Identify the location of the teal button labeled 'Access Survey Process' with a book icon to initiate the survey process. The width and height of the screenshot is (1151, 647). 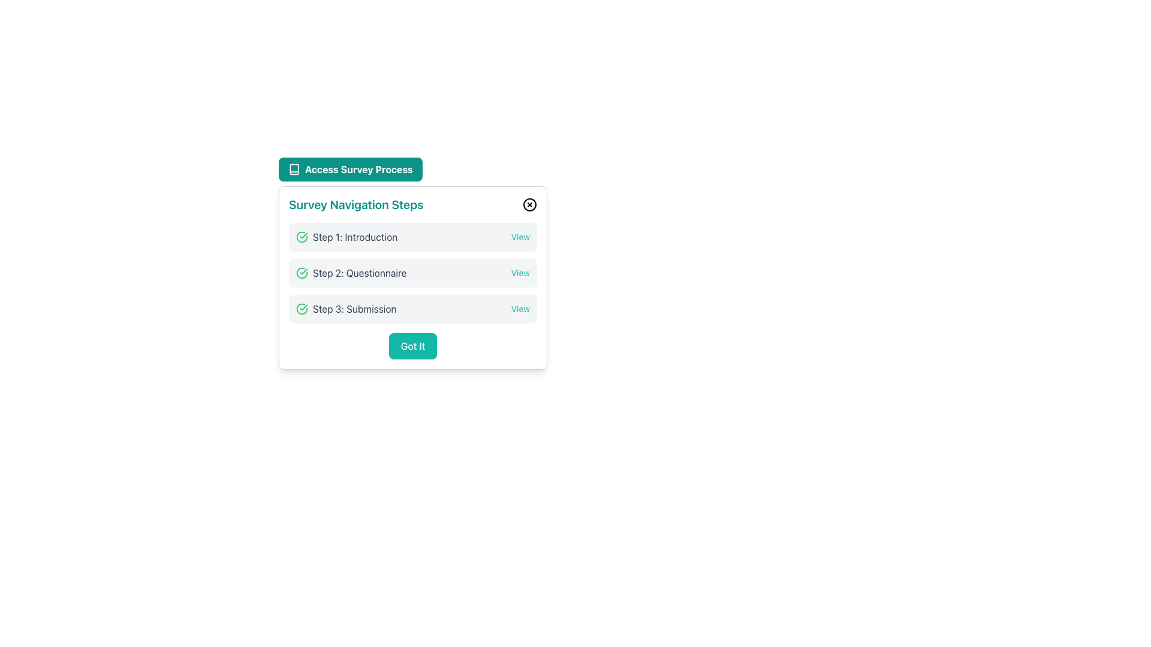
(349, 169).